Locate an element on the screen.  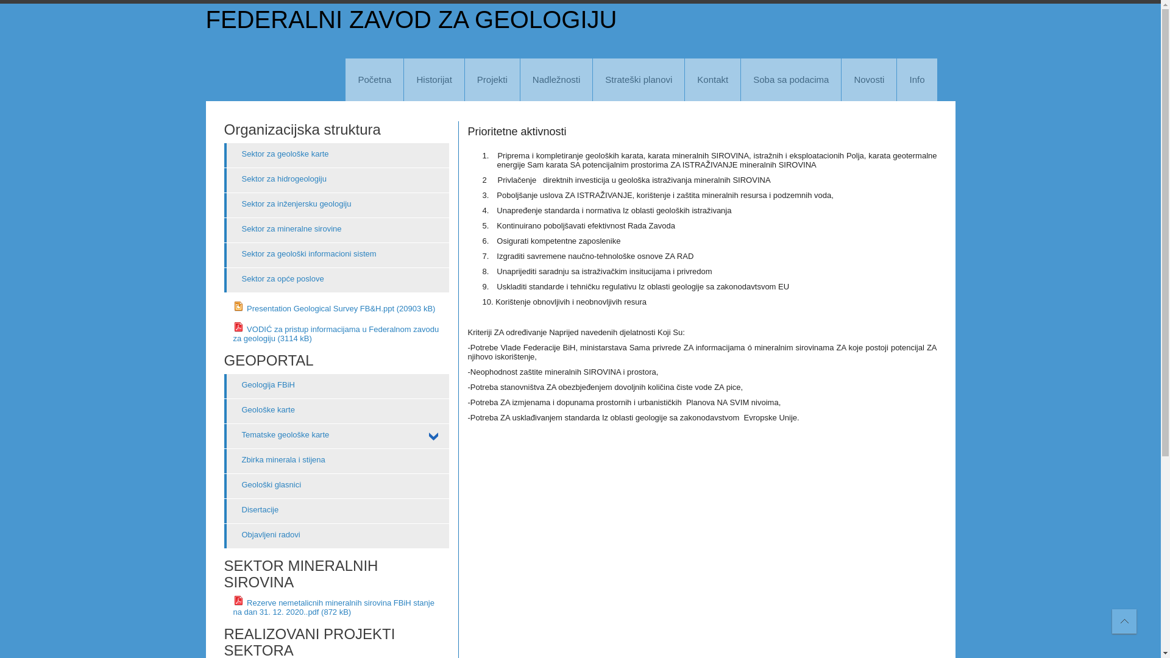
'Kontakt' is located at coordinates (684, 80).